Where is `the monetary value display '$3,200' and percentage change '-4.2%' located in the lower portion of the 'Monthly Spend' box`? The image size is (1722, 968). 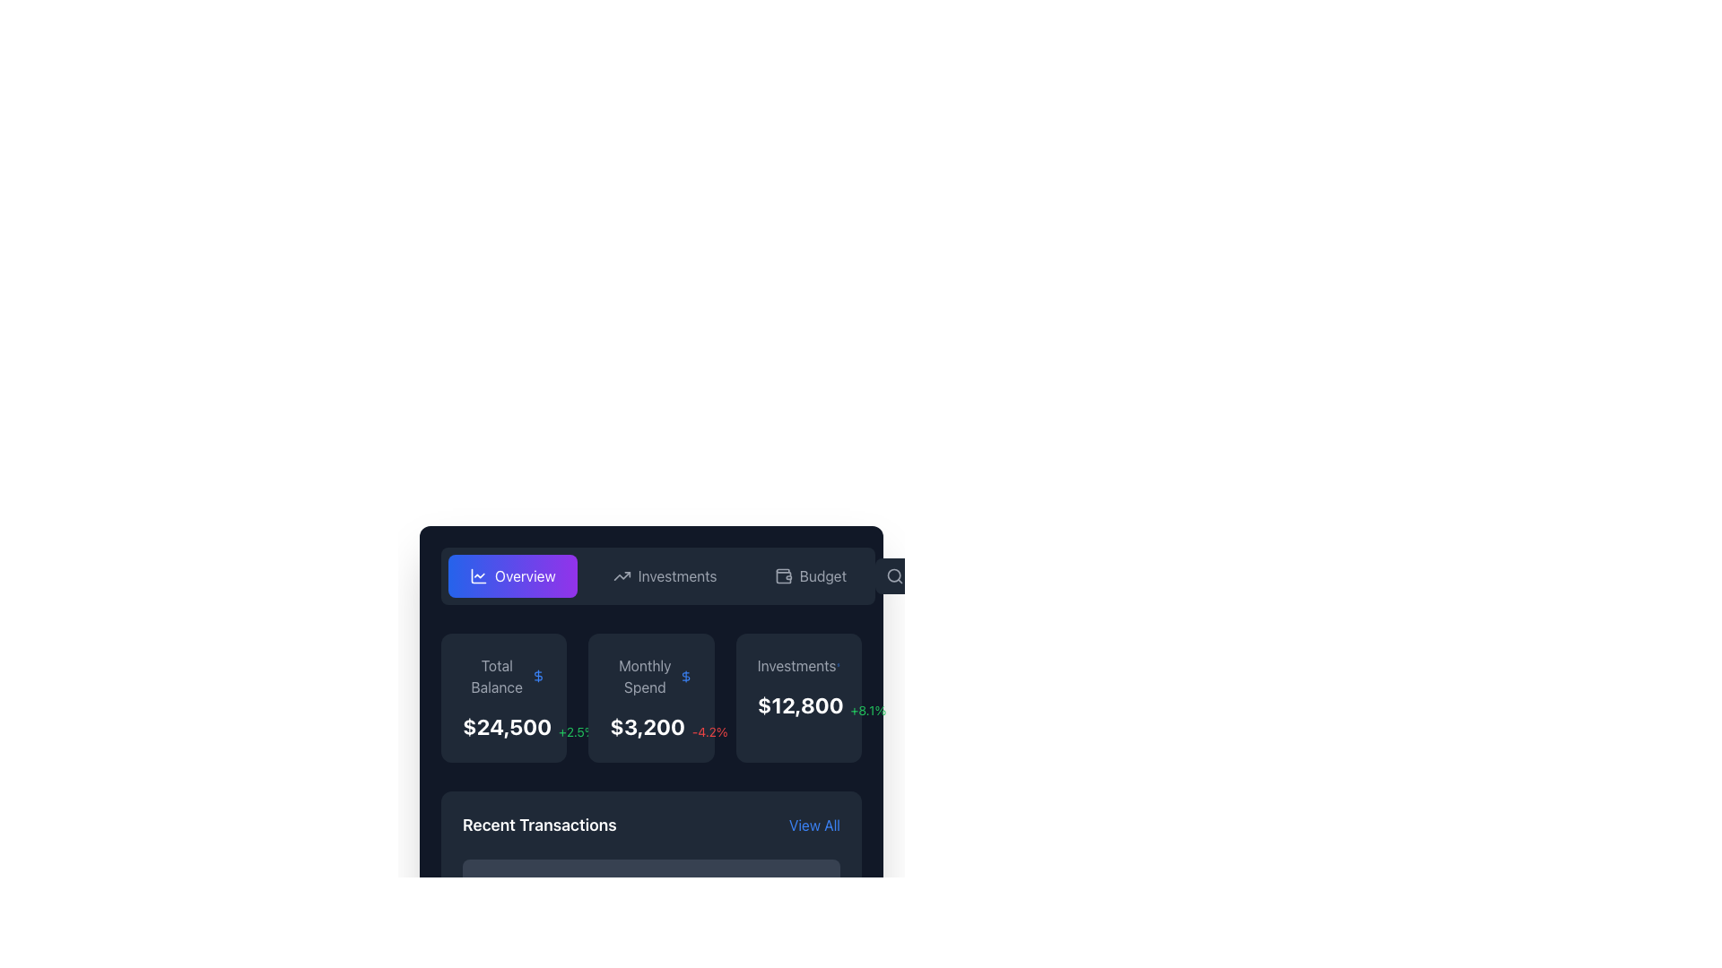 the monetary value display '$3,200' and percentage change '-4.2%' located in the lower portion of the 'Monthly Spend' box is located at coordinates (650, 726).